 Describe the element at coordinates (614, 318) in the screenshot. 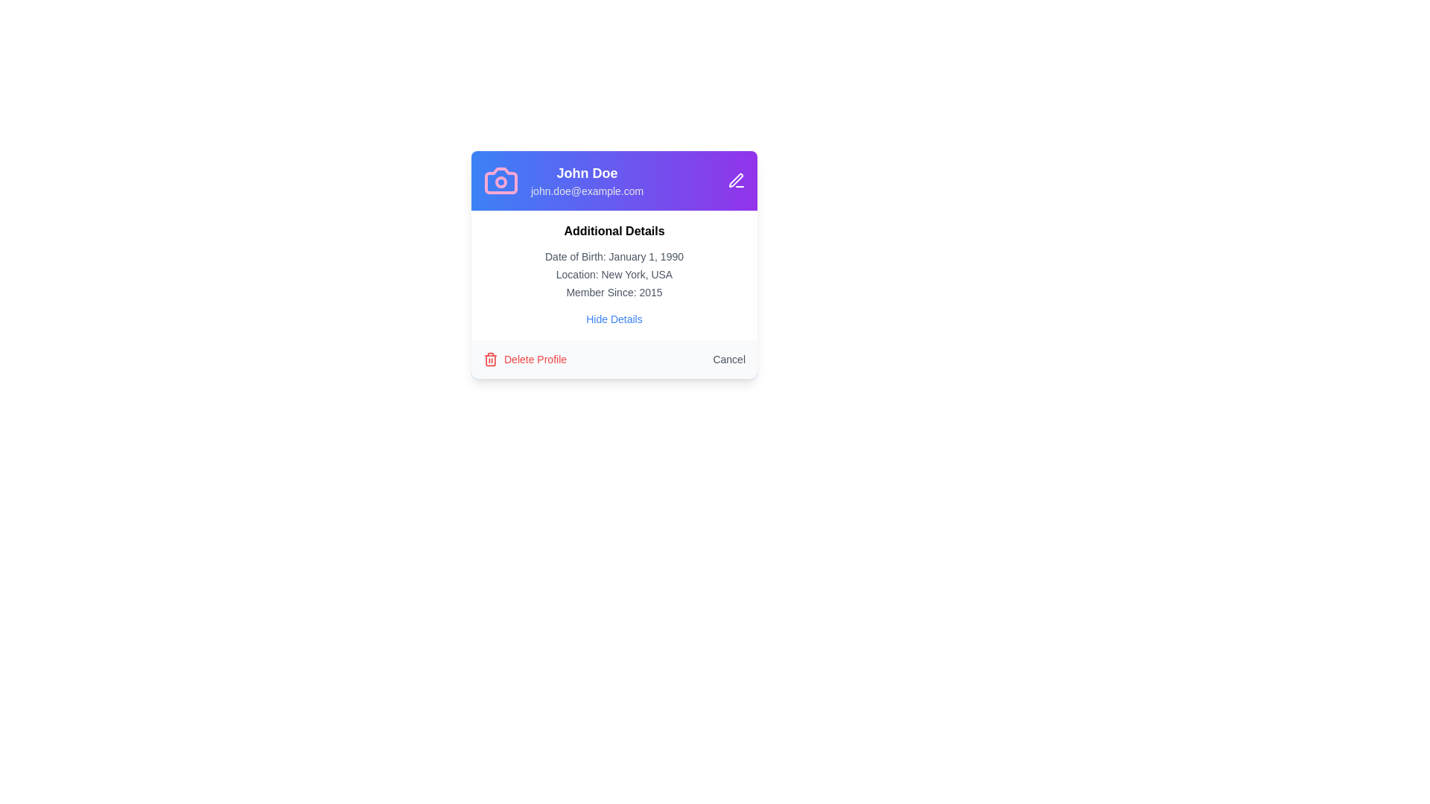

I see `the textual link styled in smaller font size, blue color, and underlined, labeled 'Hide Details', located at the bottom of the user information section` at that location.